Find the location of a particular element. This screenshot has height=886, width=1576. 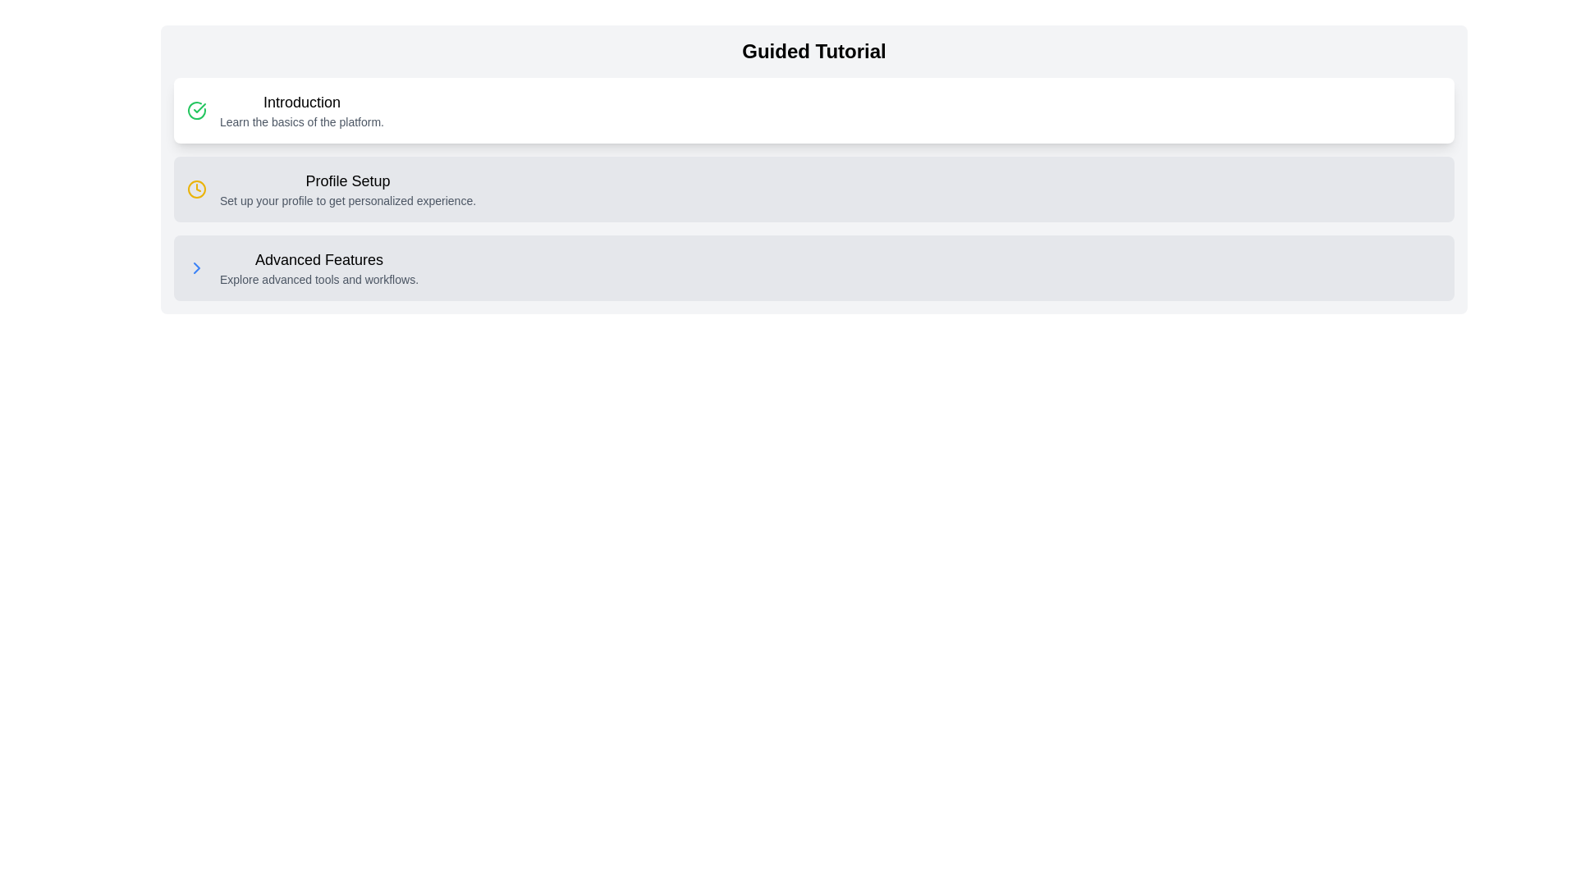

the clickable card located in the bottom section of the tutorial steps, under the titles 'Introduction' and 'Profile Setup' is located at coordinates (814, 267).